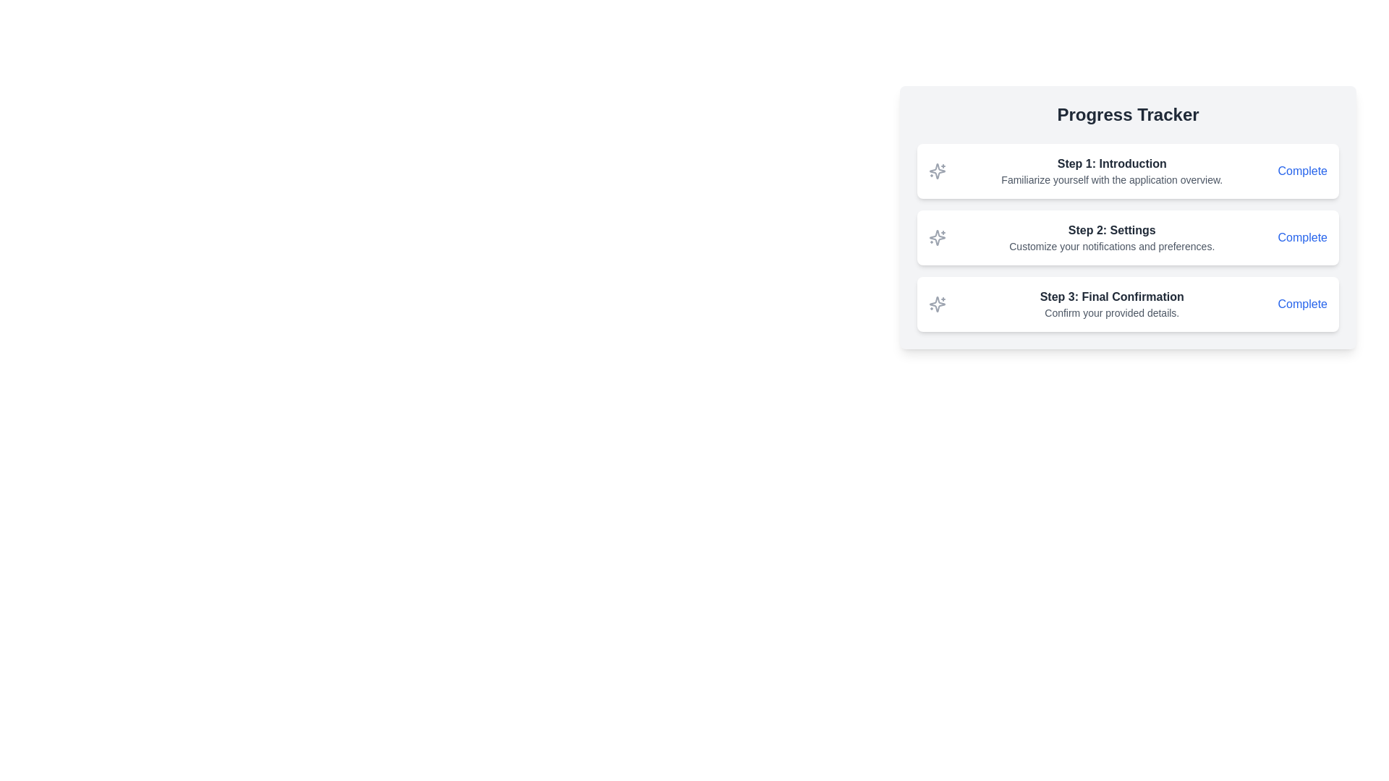 Image resolution: width=1389 pixels, height=781 pixels. What do you see at coordinates (1302, 236) in the screenshot?
I see `the clickable text link indicating the completion of the second step in the progress tracker` at bounding box center [1302, 236].